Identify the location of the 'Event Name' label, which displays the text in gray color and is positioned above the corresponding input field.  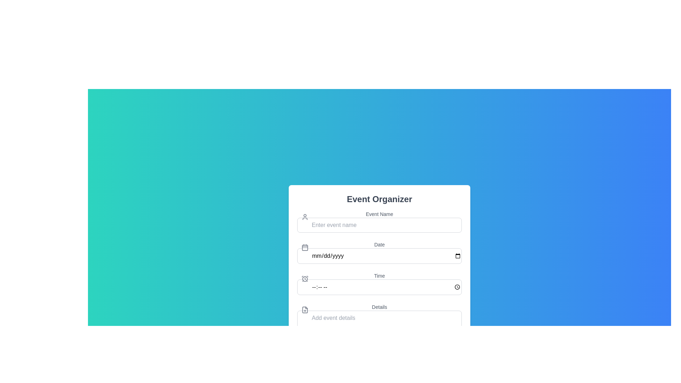
(379, 213).